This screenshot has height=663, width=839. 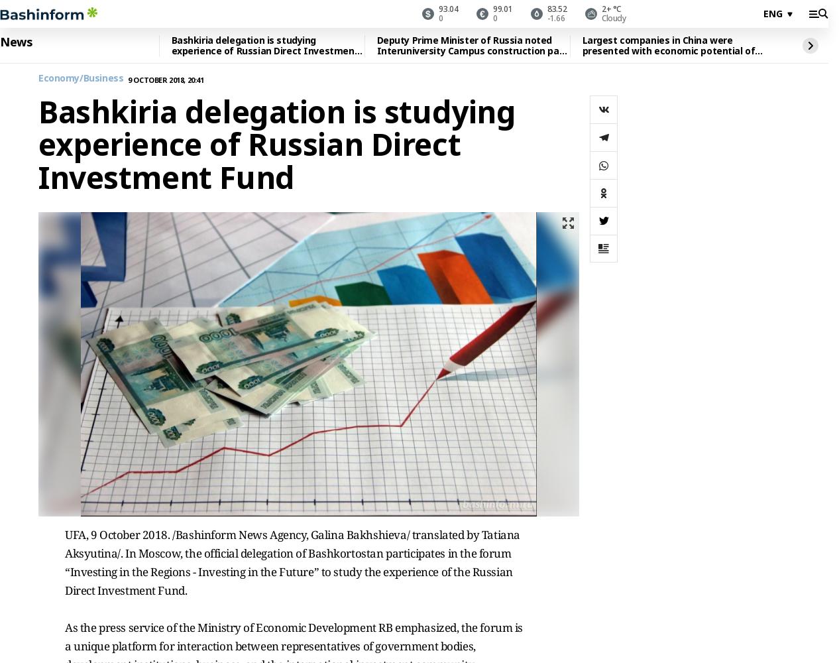 I want to click on 'Largest companies in China were presented with economic potential of Bashkiria', so click(x=581, y=50).